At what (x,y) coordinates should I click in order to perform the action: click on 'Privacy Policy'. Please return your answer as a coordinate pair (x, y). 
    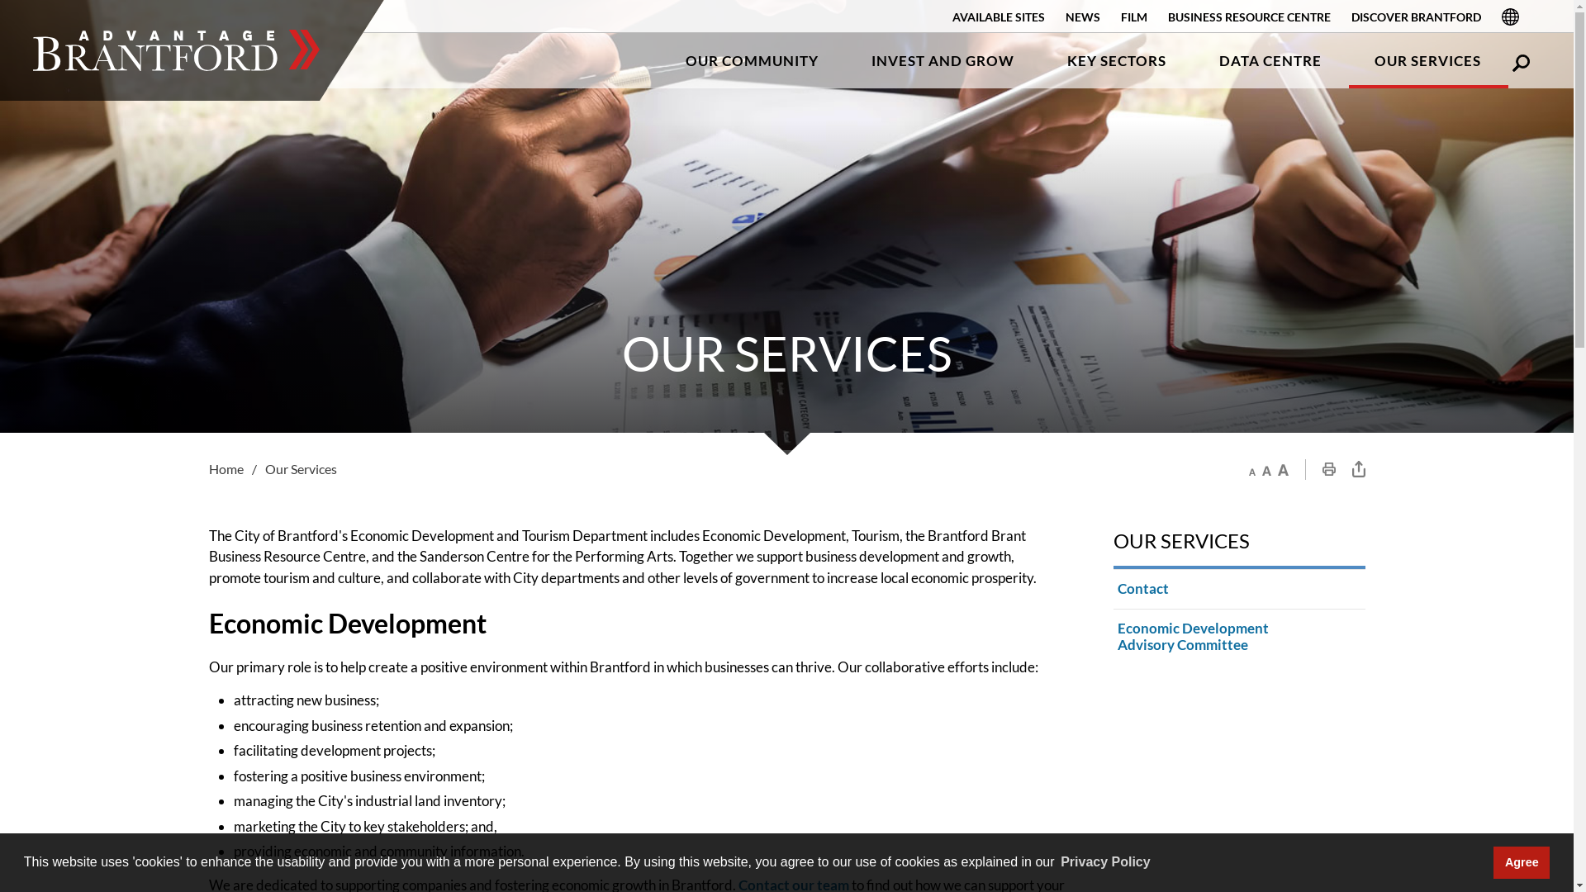
    Looking at the image, I should click on (1105, 861).